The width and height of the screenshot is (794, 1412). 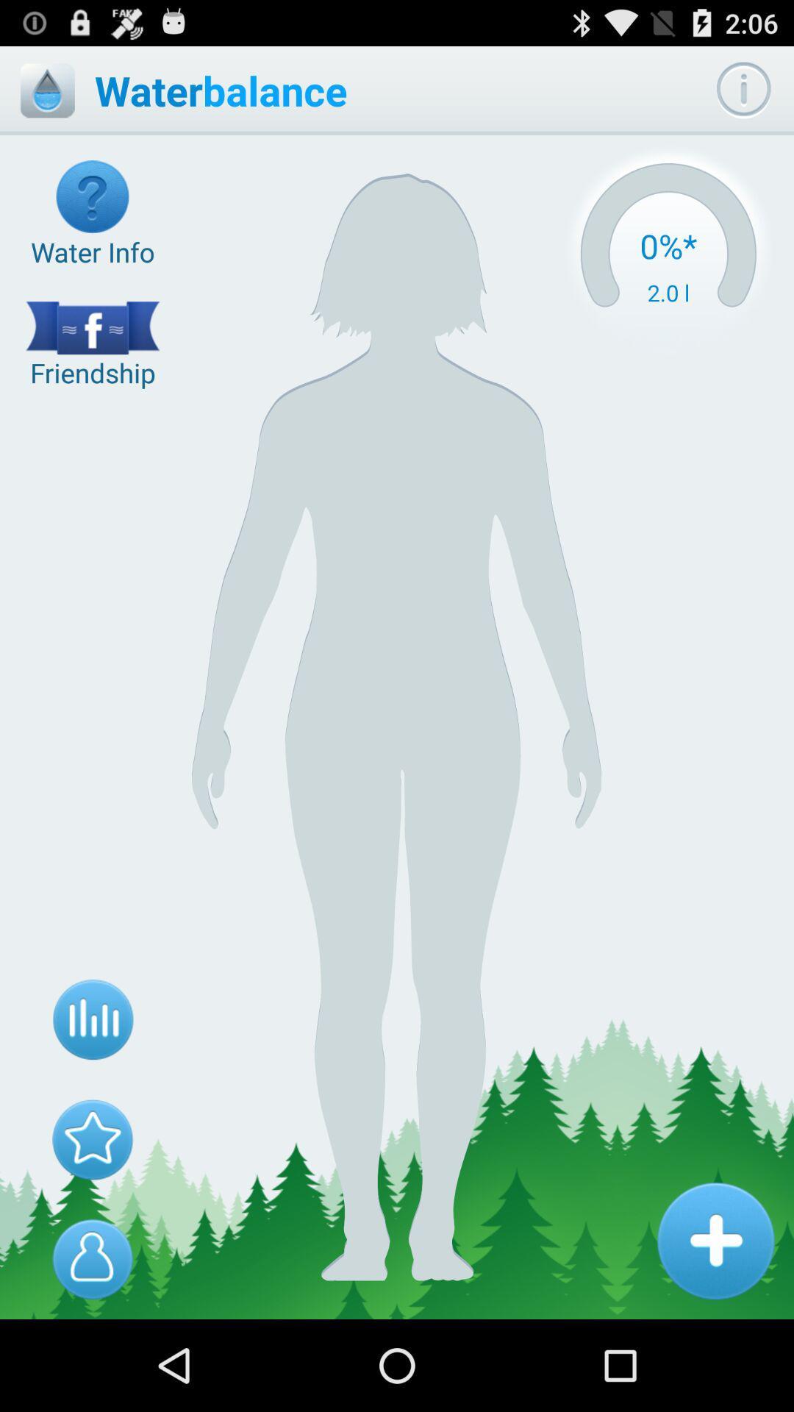 I want to click on the info icon, so click(x=743, y=96).